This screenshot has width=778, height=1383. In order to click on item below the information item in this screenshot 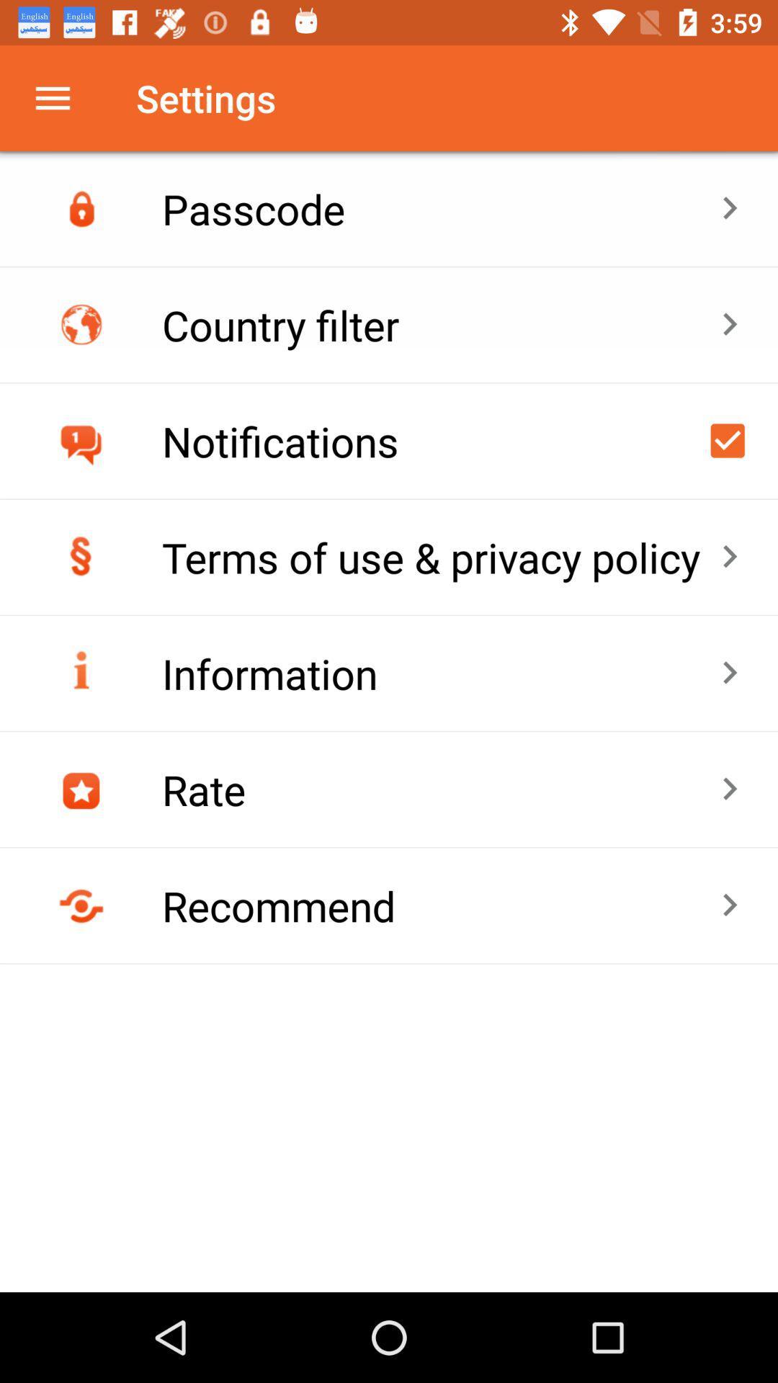, I will do `click(440, 789)`.